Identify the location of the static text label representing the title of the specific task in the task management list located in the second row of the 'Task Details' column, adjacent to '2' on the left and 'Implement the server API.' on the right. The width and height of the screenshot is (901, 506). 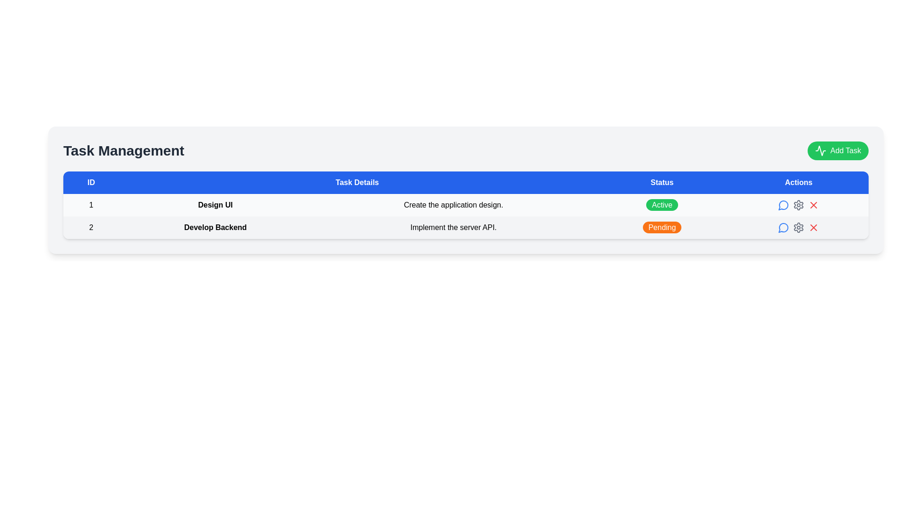
(215, 228).